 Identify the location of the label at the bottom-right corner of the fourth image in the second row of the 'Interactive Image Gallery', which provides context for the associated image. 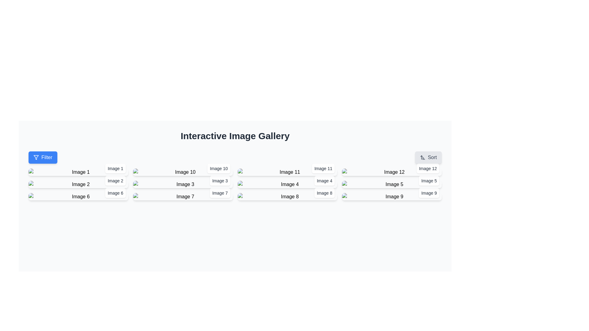
(324, 181).